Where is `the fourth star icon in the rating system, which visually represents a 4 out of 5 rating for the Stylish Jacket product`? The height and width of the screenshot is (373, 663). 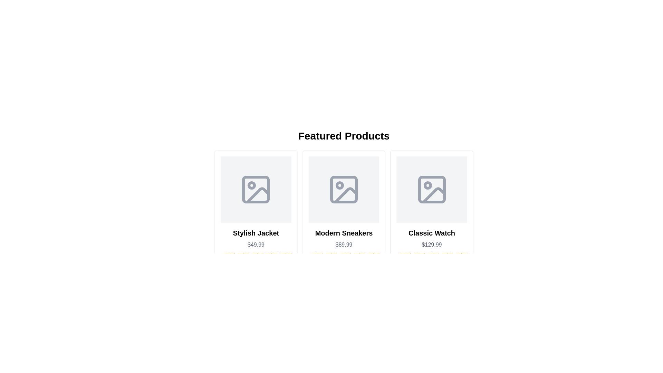 the fourth star icon in the rating system, which visually represents a 4 out of 5 rating for the Stylish Jacket product is located at coordinates (270, 256).